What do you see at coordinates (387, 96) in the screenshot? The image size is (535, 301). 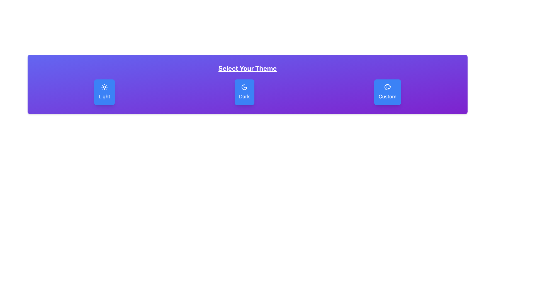 I see `the static text with a decorative icon that indicates the 'Custom' theme option within the blue rectangular button` at bounding box center [387, 96].